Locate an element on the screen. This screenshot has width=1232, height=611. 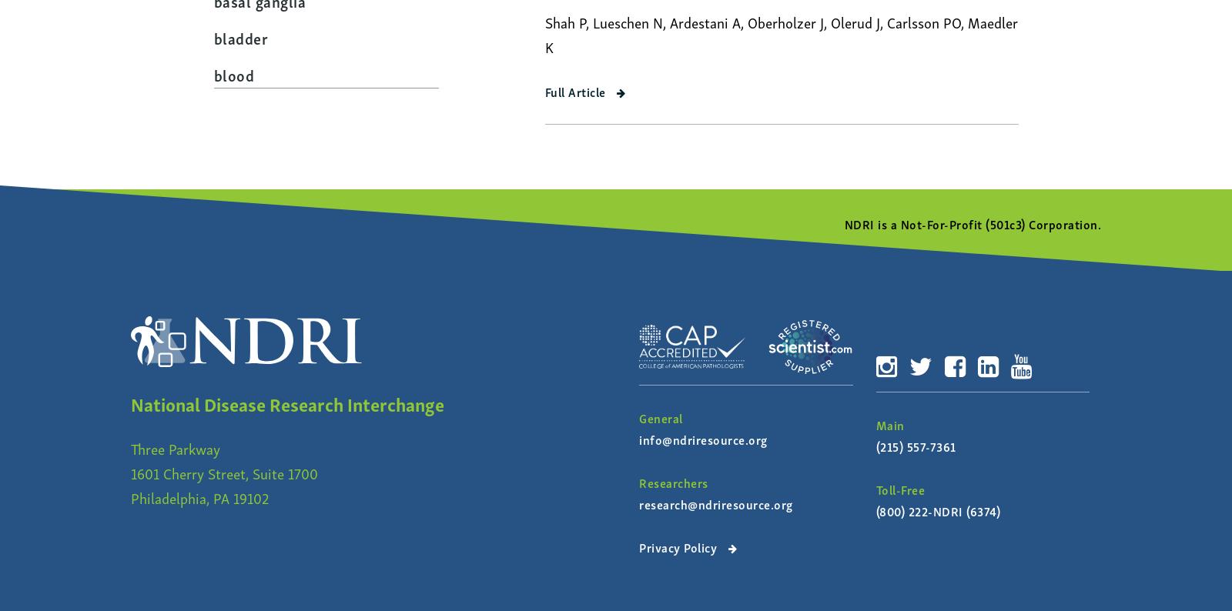
'(215) 557-7361' is located at coordinates (915, 444).